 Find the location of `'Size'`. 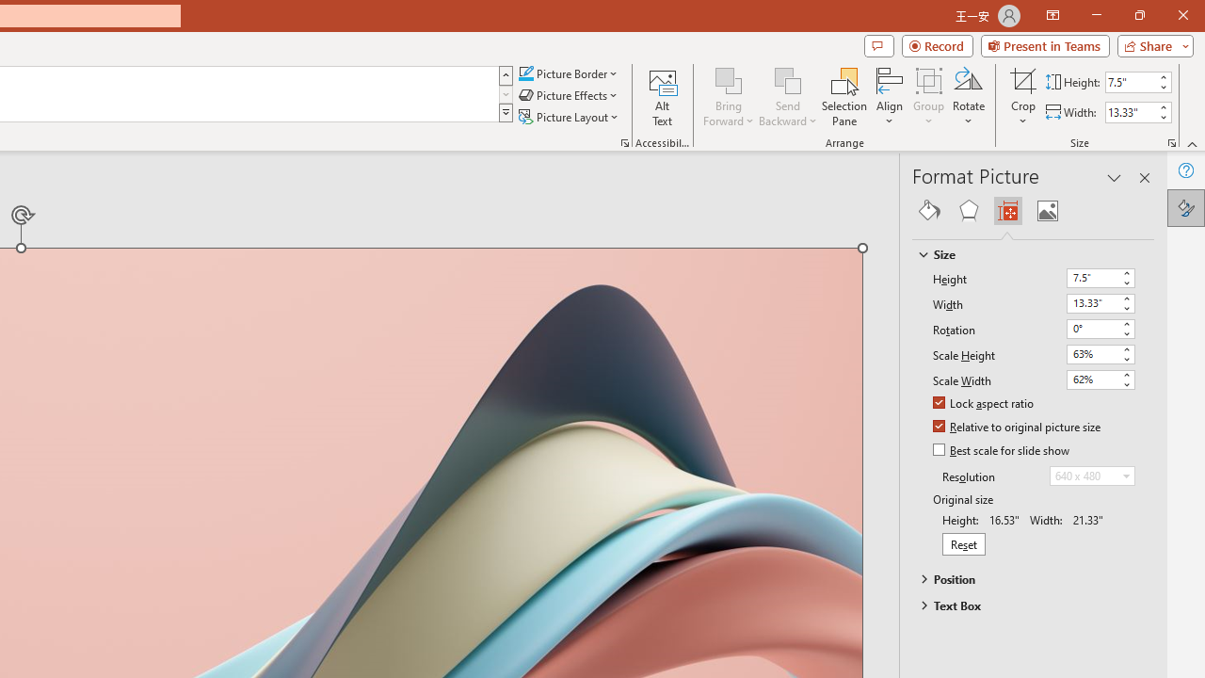

'Size' is located at coordinates (1023, 254).